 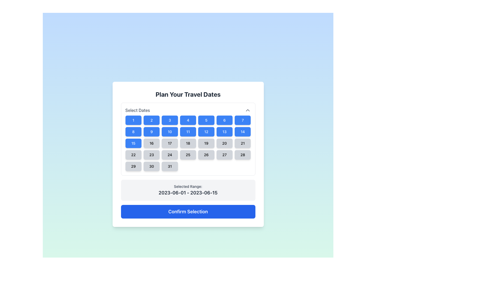 I want to click on the 23rd date selection button in the grid layout, so click(x=151, y=154).